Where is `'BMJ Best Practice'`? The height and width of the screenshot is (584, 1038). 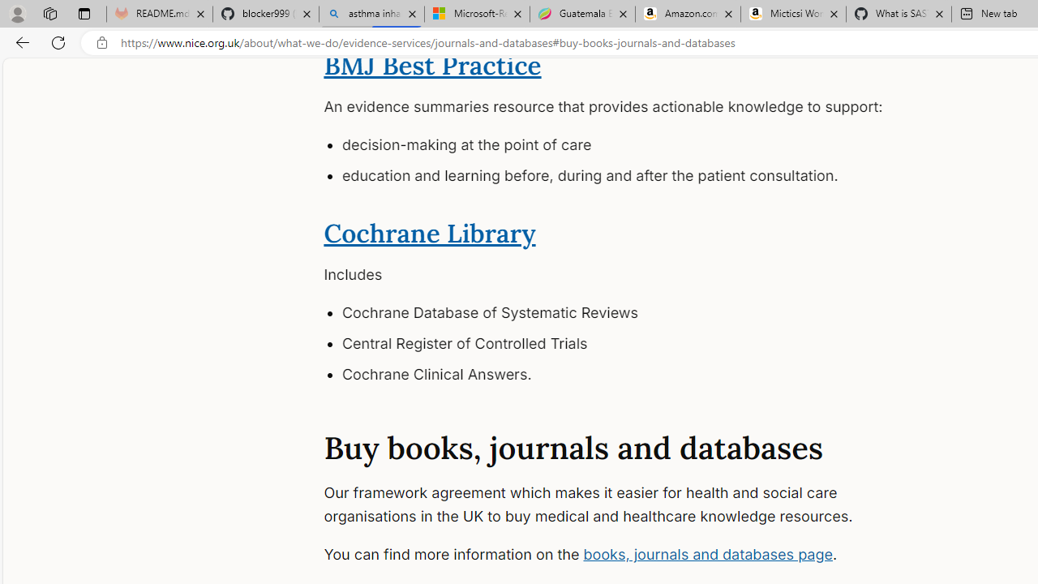
'BMJ Best Practice' is located at coordinates (432, 65).